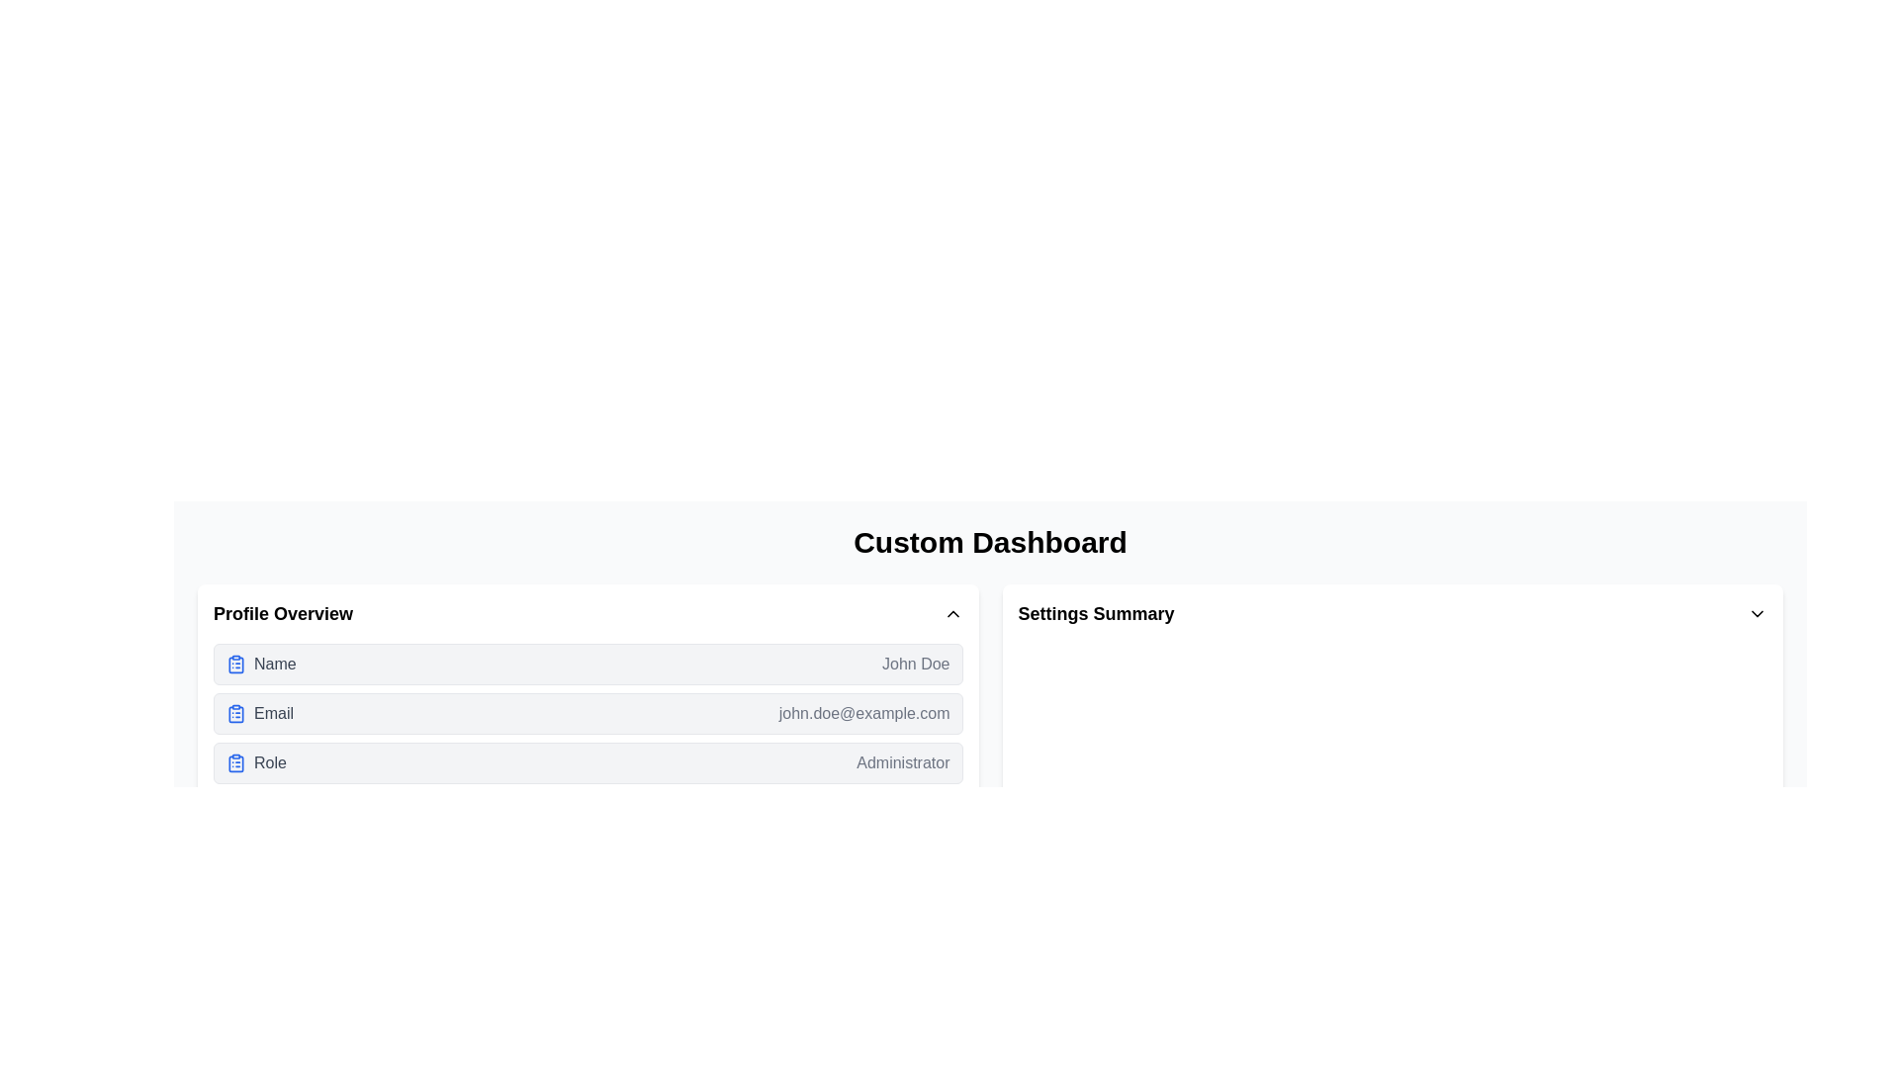 The image size is (1899, 1068). I want to click on the 'Name' label with an icon located in the 'Profile Overview' section, positioned above the 'Email' and 'Role' entries, so click(260, 664).